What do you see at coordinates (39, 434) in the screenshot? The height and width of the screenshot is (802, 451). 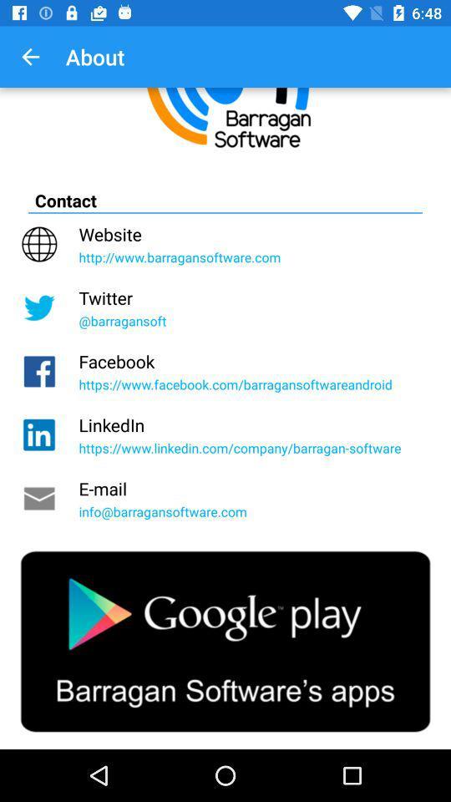 I see `the linkedin icon which is  just below the facebook icon` at bounding box center [39, 434].